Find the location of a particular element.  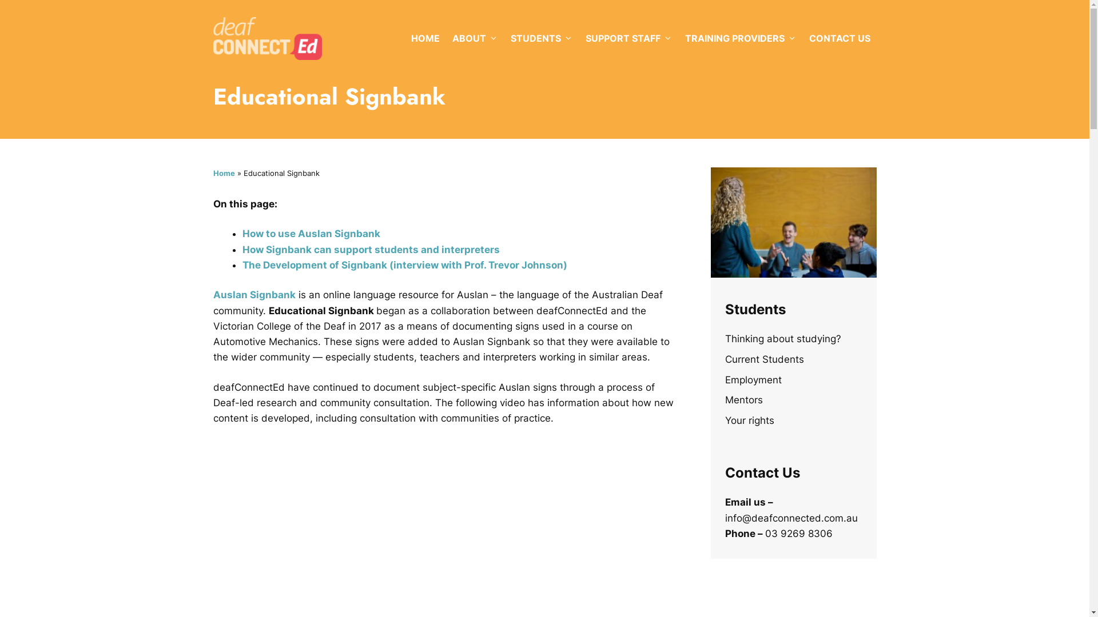

'SUPPORT STAFF' is located at coordinates (628, 37).